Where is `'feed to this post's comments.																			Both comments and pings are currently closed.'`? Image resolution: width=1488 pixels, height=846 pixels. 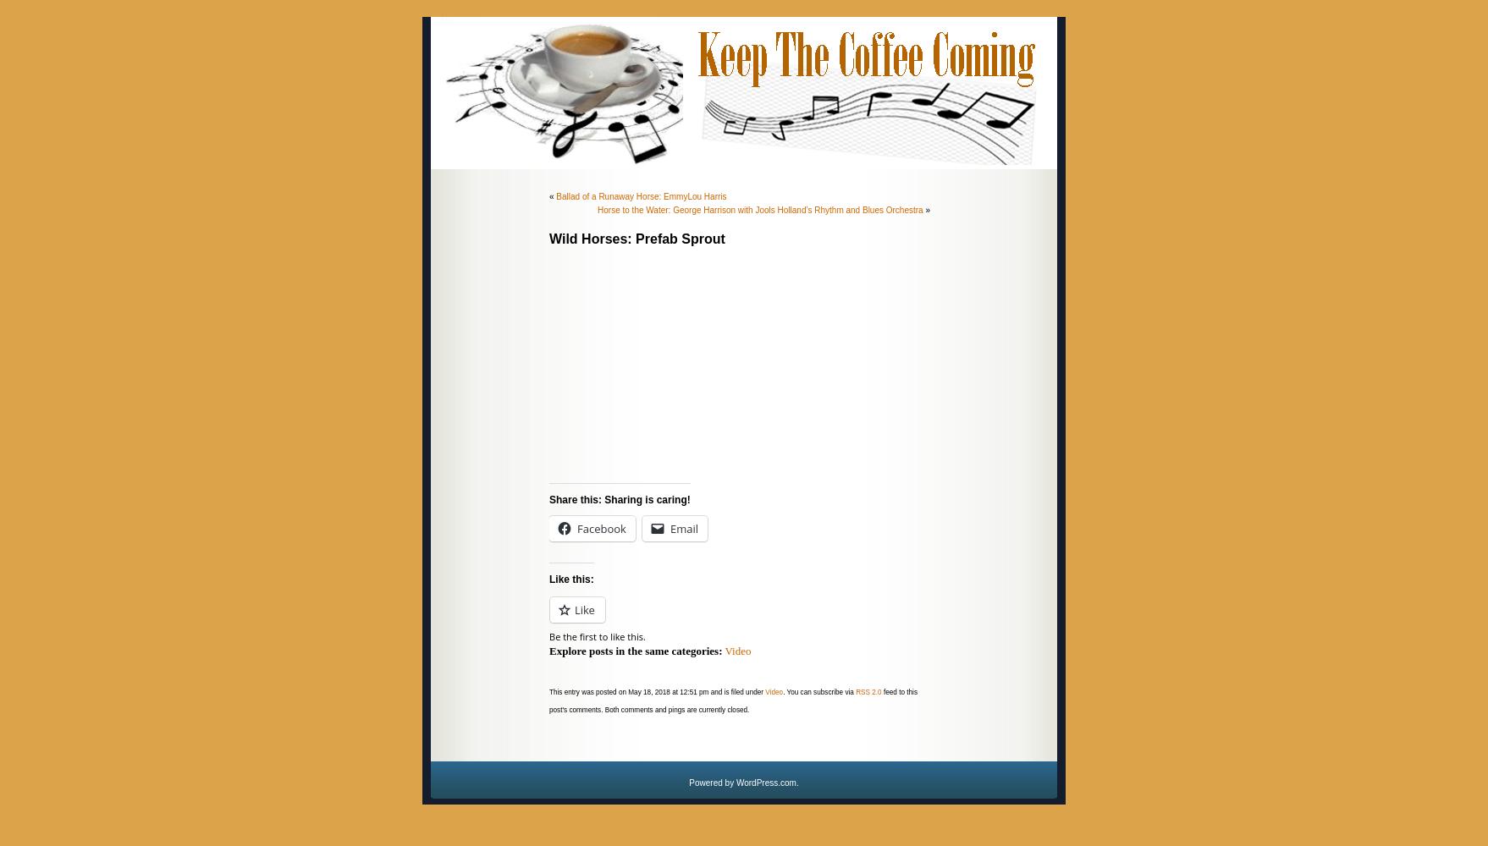
'feed to this post's comments.																			Both comments and pings are currently closed.' is located at coordinates (732, 700).